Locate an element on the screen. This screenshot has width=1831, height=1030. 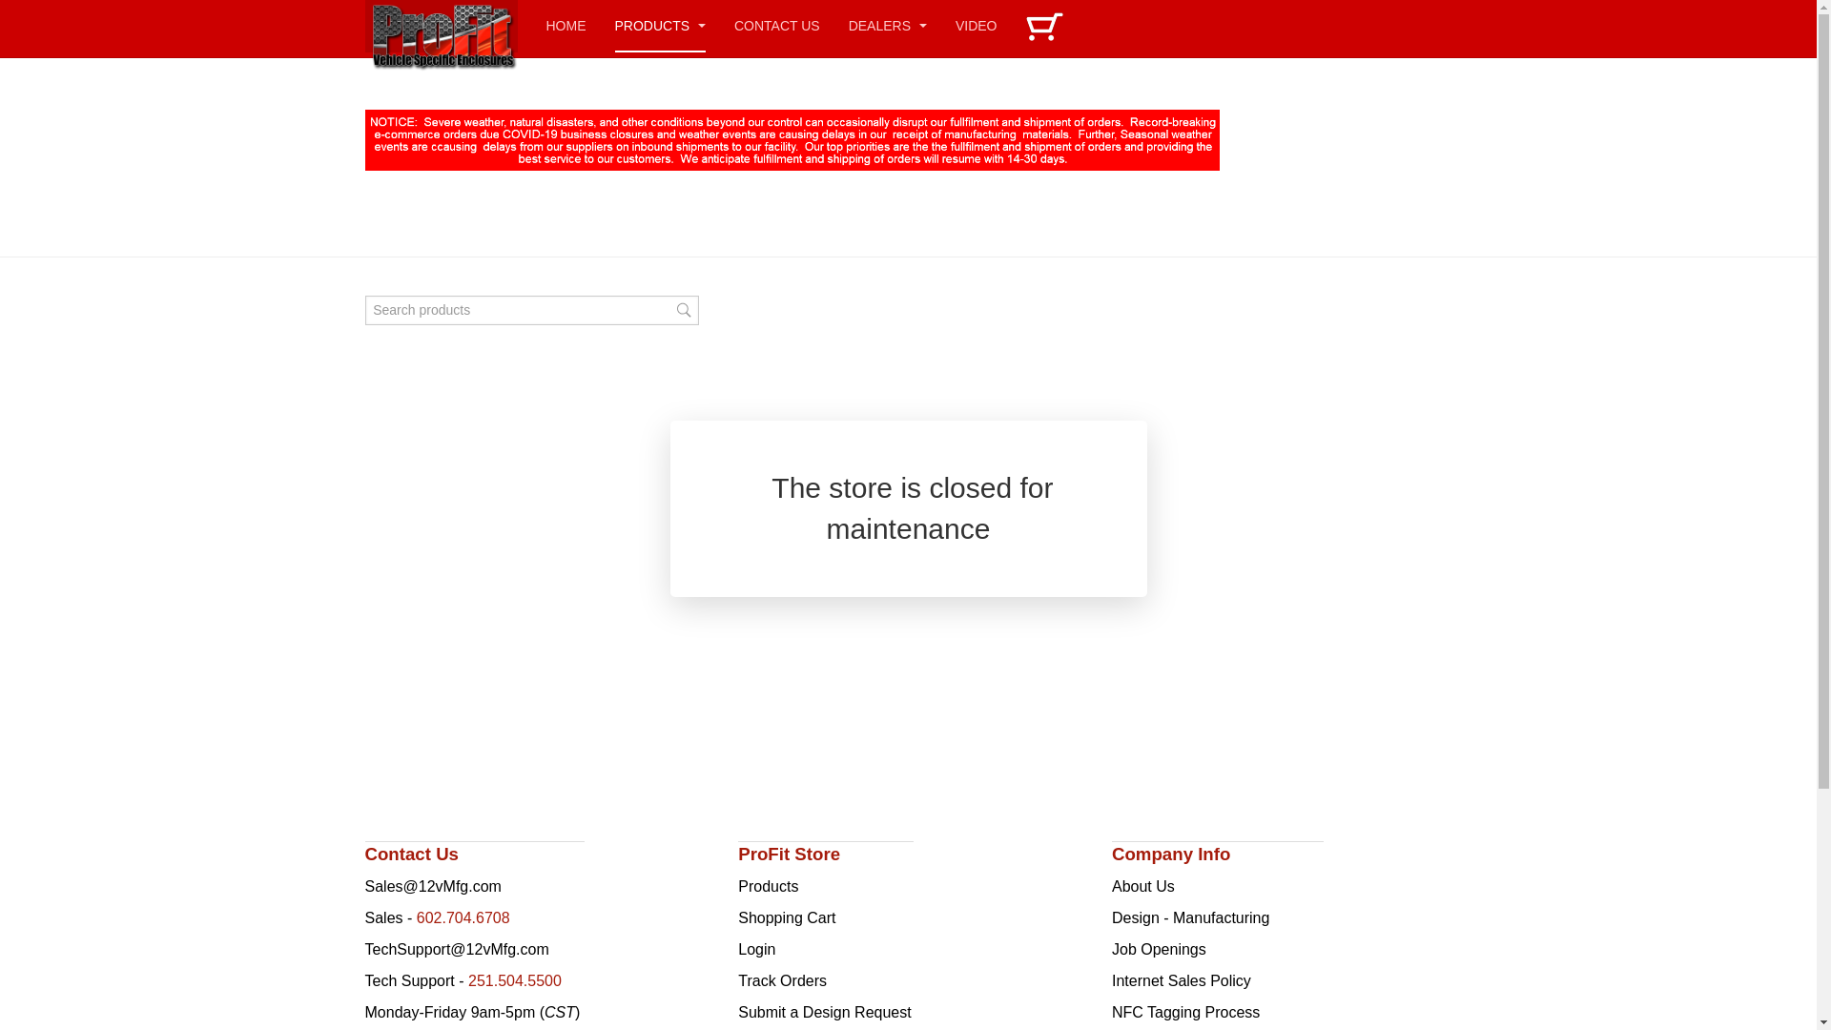
'Job Openings' is located at coordinates (1112, 949).